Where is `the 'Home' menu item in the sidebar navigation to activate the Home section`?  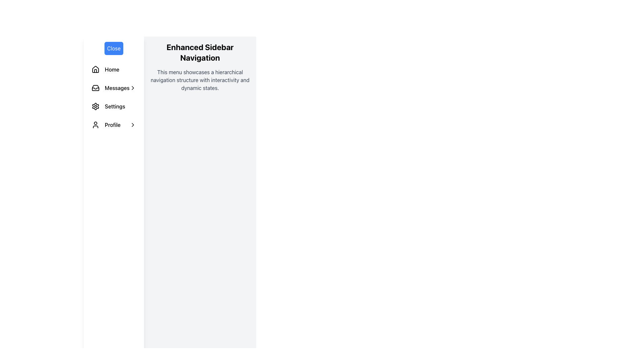
the 'Home' menu item in the sidebar navigation to activate the Home section is located at coordinates (120, 70).